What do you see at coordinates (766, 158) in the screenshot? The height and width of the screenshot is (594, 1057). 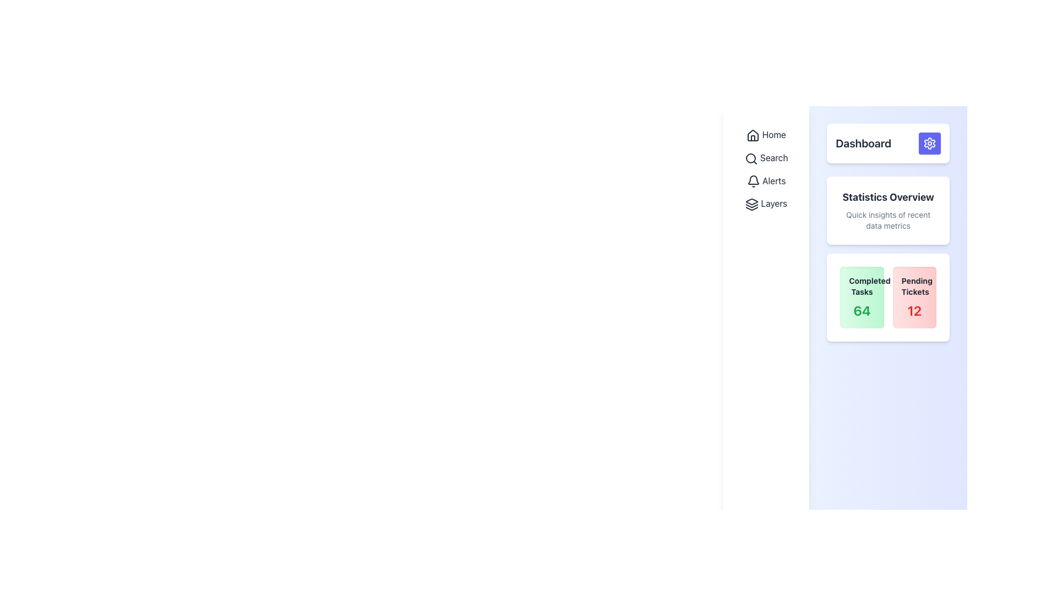 I see `the 'Search' menu item, which is the second item in the vertical menu` at bounding box center [766, 158].